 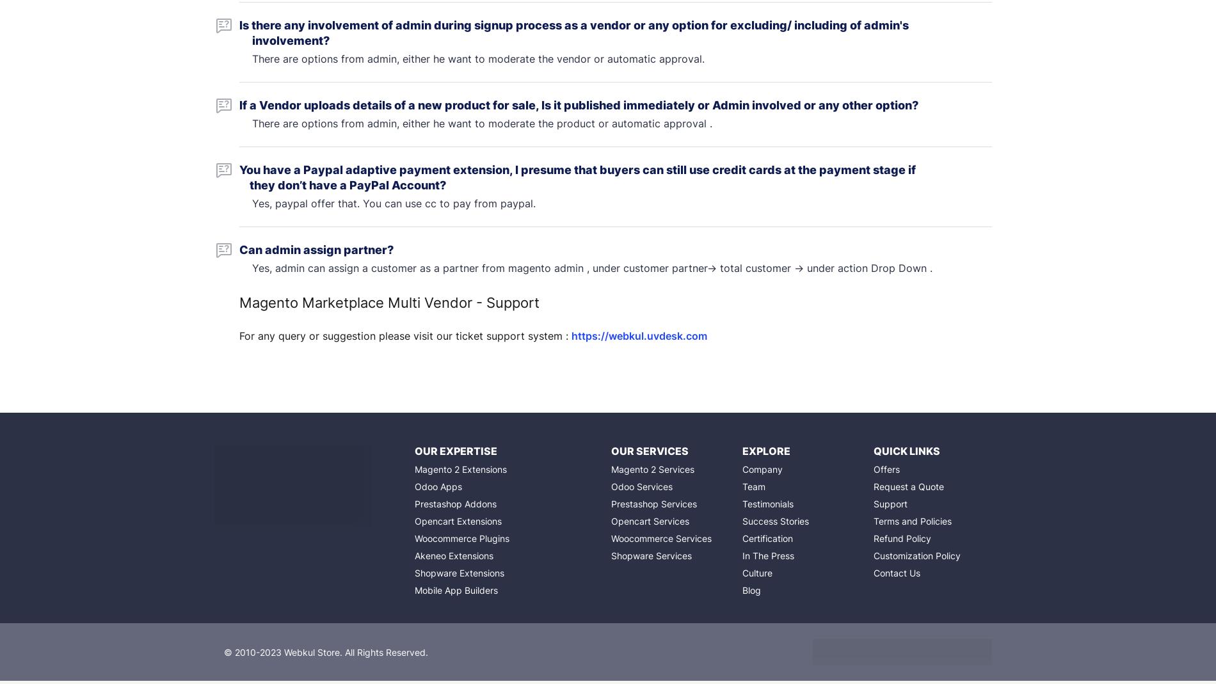 What do you see at coordinates (413, 504) in the screenshot?
I see `'Prestashop Addons'` at bounding box center [413, 504].